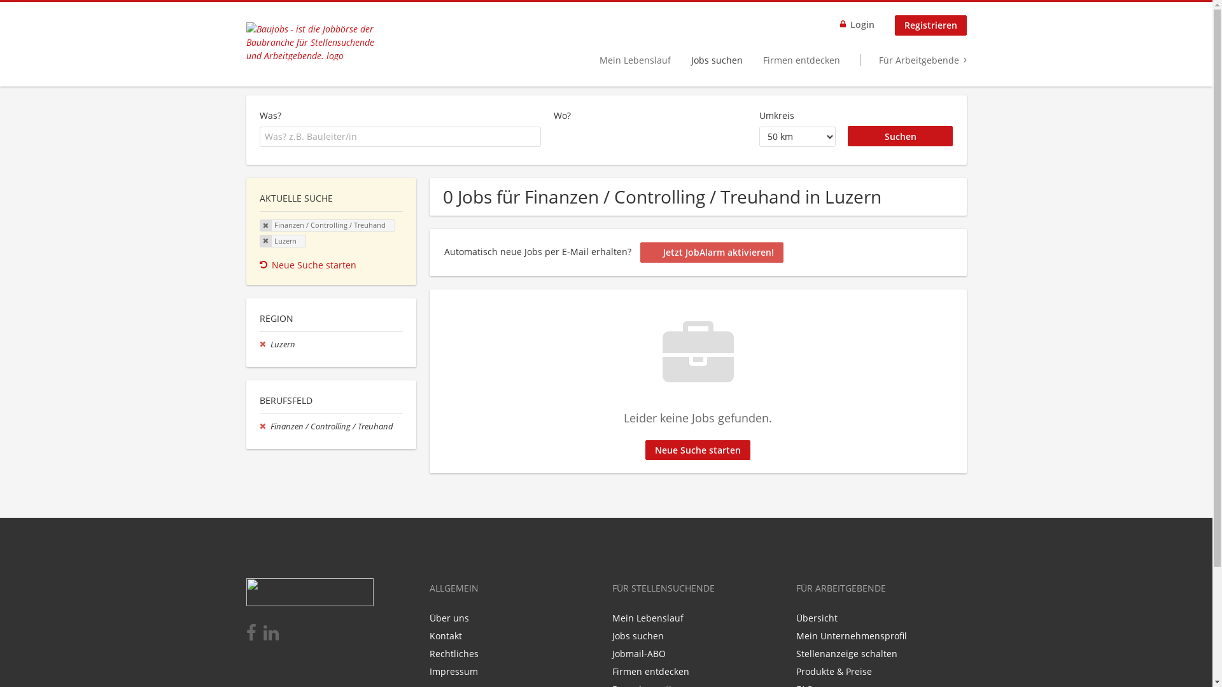 This screenshot has height=687, width=1222. I want to click on 'Jobs suchen', so click(638, 635).